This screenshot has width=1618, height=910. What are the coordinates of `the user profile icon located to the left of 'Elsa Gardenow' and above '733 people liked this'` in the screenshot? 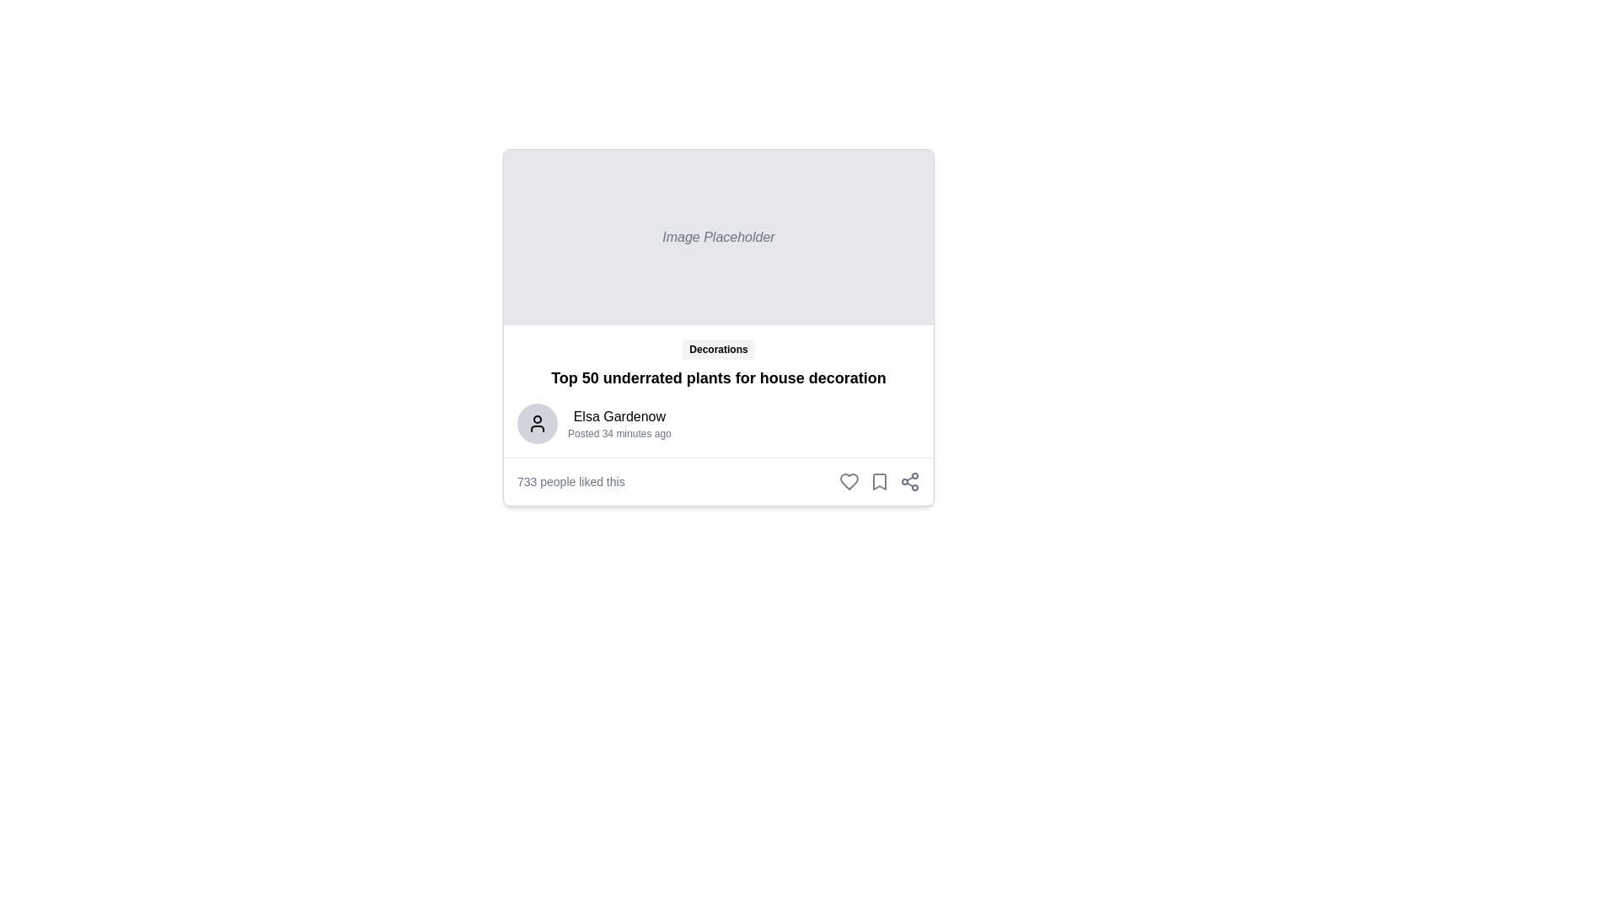 It's located at (537, 422).